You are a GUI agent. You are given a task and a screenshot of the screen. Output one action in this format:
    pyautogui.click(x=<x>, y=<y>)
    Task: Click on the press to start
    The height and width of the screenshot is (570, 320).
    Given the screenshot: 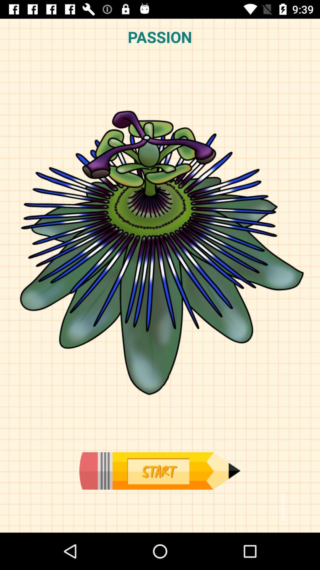 What is the action you would take?
    pyautogui.click(x=159, y=471)
    